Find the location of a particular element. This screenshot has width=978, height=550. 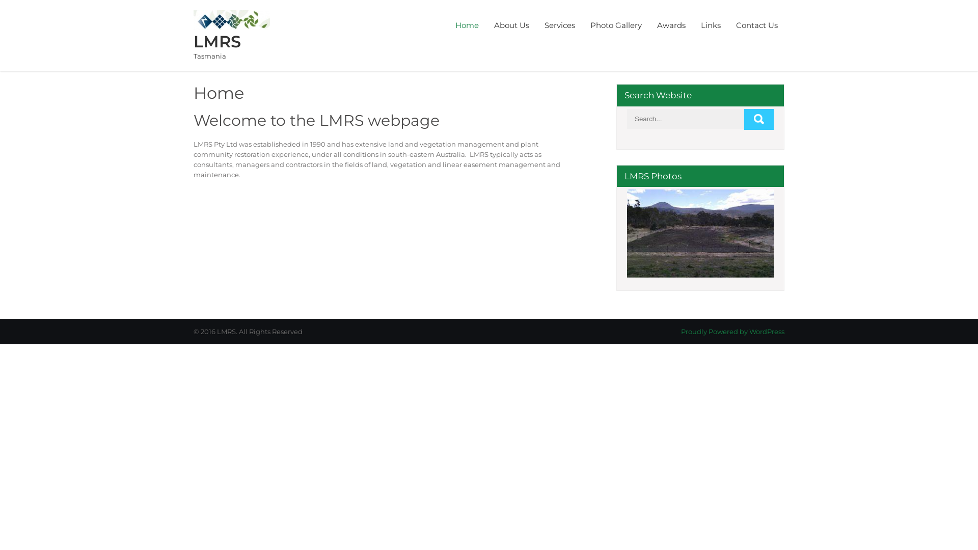

'Services' is located at coordinates (559, 25).